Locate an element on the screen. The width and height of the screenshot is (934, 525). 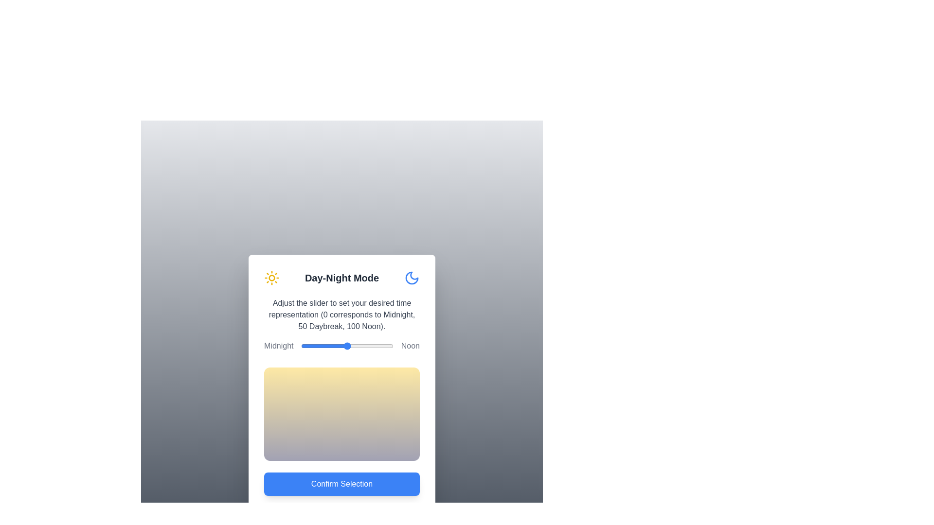
the slider to set the time representation to 3 is located at coordinates (304, 346).